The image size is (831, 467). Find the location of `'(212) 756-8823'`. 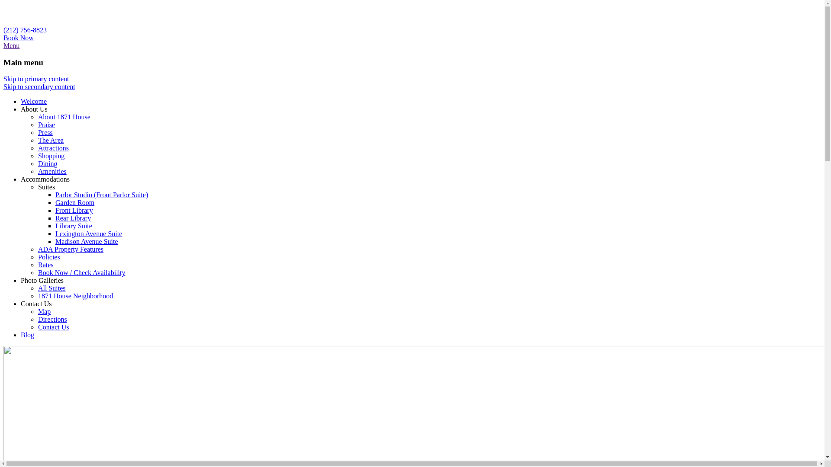

'(212) 756-8823' is located at coordinates (25, 29).